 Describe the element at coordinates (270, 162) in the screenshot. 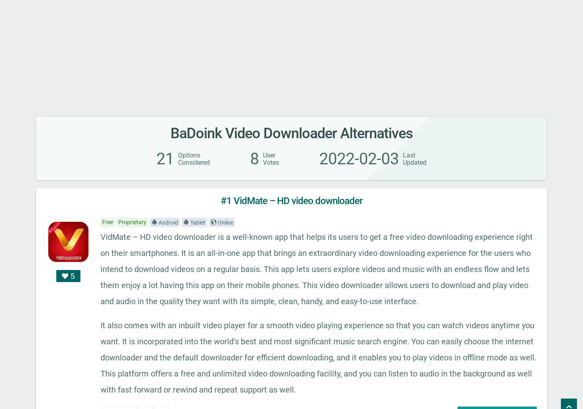

I see `'Votes'` at that location.